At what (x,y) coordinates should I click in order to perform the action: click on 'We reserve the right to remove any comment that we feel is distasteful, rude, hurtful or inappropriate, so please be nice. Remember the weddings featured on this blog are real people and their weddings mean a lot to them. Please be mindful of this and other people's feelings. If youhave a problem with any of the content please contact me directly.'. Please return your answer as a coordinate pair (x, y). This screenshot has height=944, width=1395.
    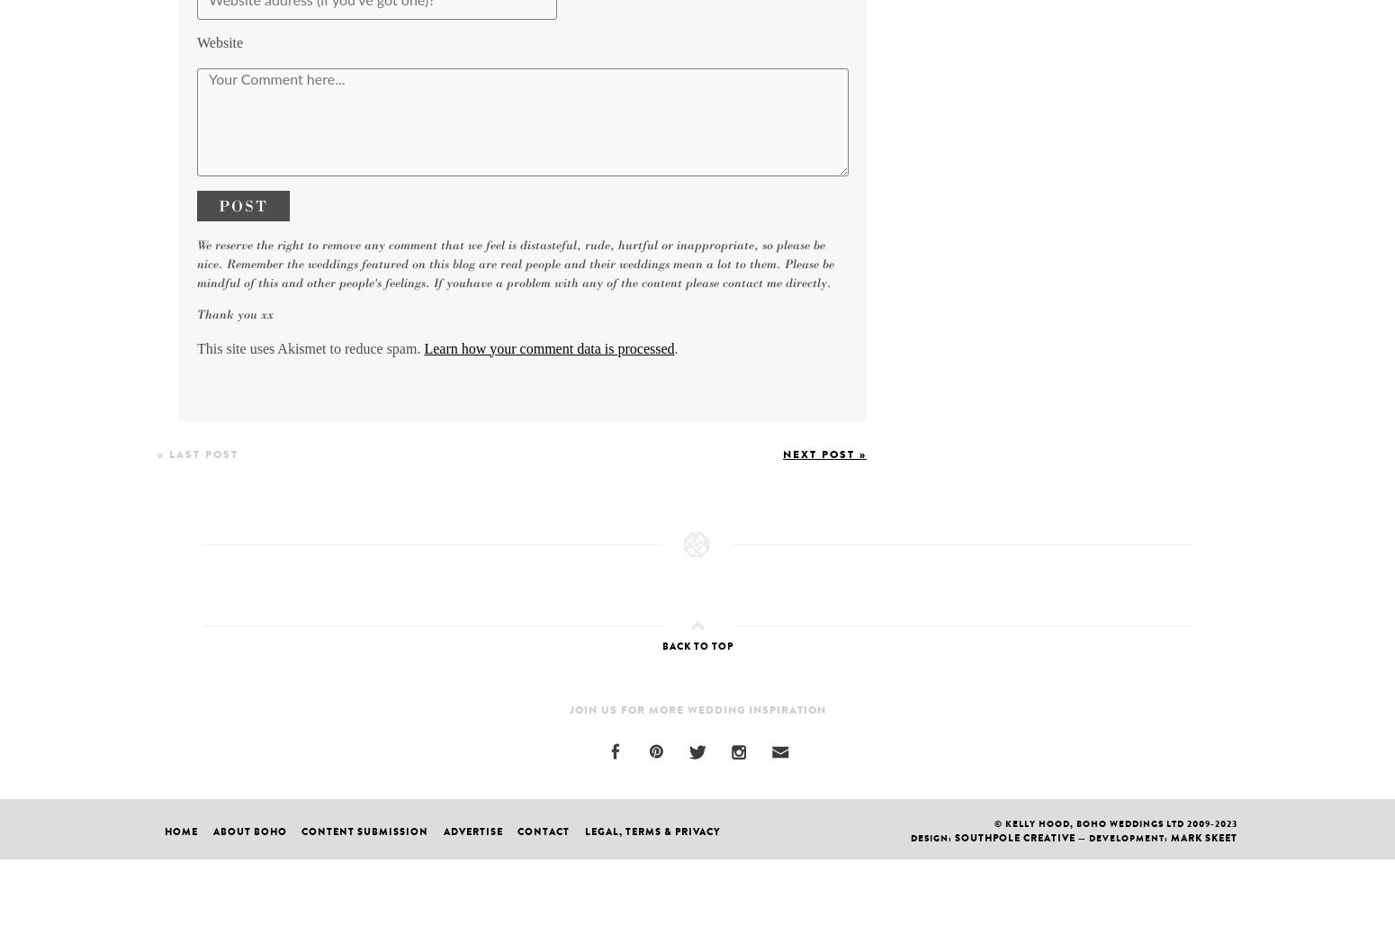
    Looking at the image, I should click on (516, 263).